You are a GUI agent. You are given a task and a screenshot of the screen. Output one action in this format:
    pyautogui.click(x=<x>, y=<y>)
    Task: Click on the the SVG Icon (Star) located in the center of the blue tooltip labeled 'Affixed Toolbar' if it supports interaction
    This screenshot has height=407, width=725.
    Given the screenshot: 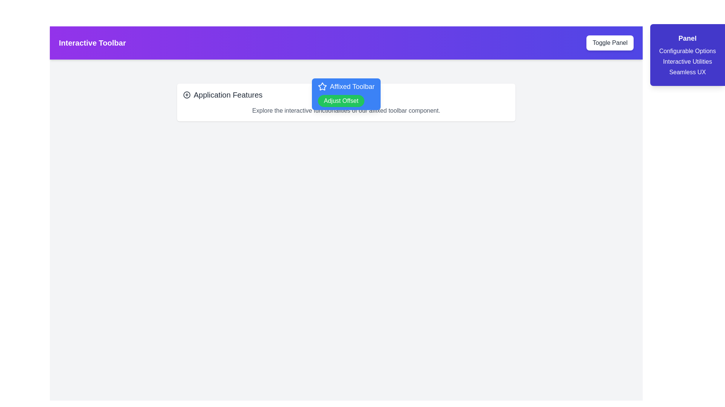 What is the action you would take?
    pyautogui.click(x=322, y=86)
    